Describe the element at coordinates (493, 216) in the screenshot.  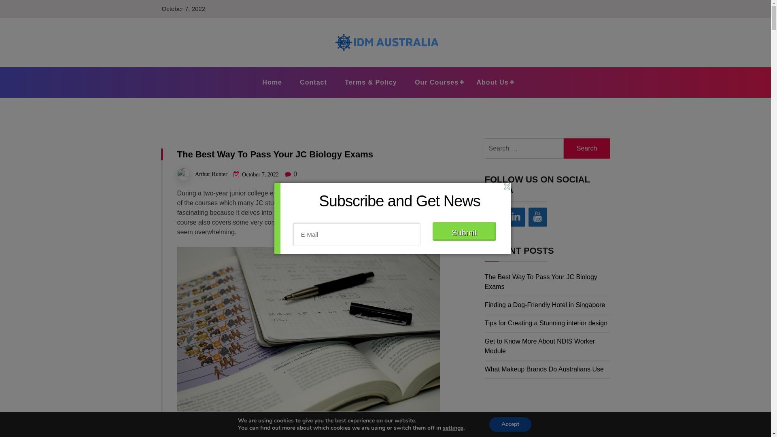
I see `'Facebook'` at that location.